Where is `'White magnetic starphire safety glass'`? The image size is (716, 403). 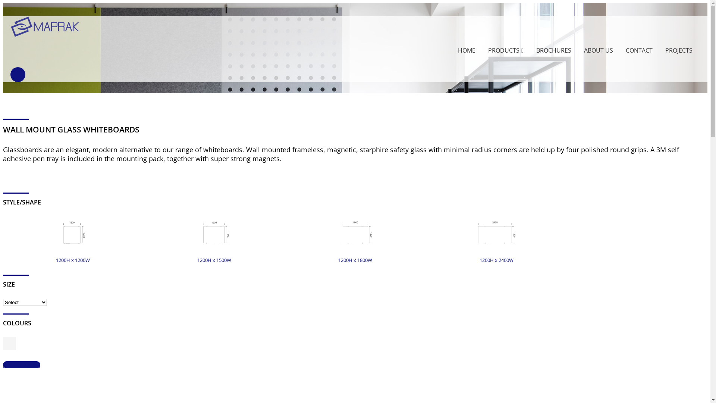 'White magnetic starphire safety glass' is located at coordinates (9, 348).